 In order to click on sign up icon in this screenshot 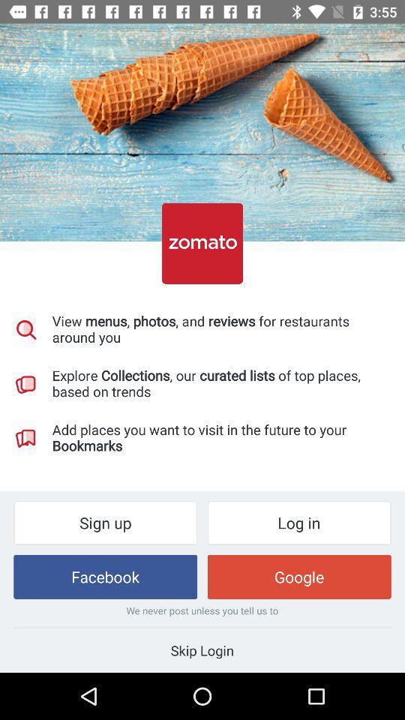, I will do `click(104, 523)`.